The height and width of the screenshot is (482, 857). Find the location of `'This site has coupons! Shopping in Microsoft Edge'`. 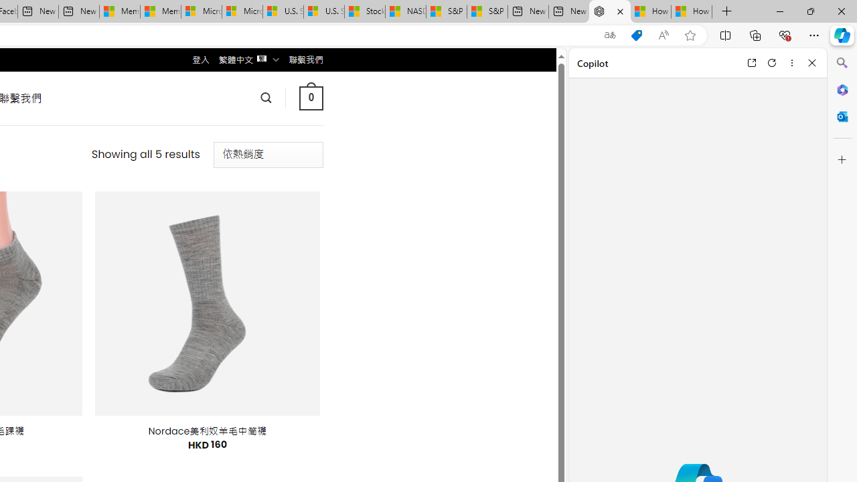

'This site has coupons! Shopping in Microsoft Edge' is located at coordinates (636, 35).